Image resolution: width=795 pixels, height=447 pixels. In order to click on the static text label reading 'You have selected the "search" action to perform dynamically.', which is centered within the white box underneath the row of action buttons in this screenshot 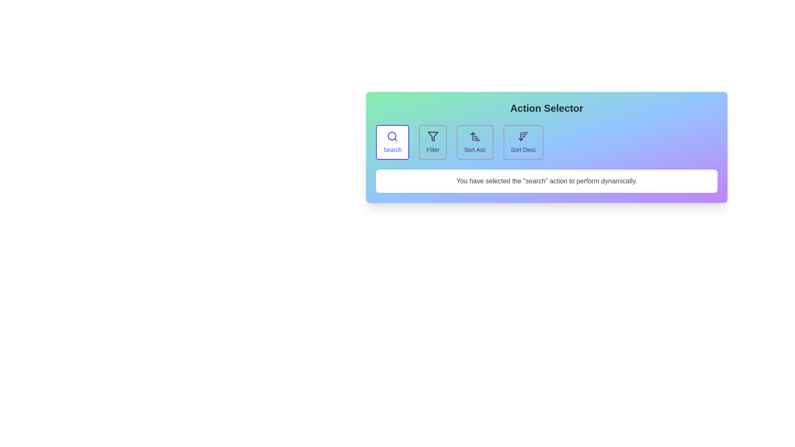, I will do `click(547, 181)`.